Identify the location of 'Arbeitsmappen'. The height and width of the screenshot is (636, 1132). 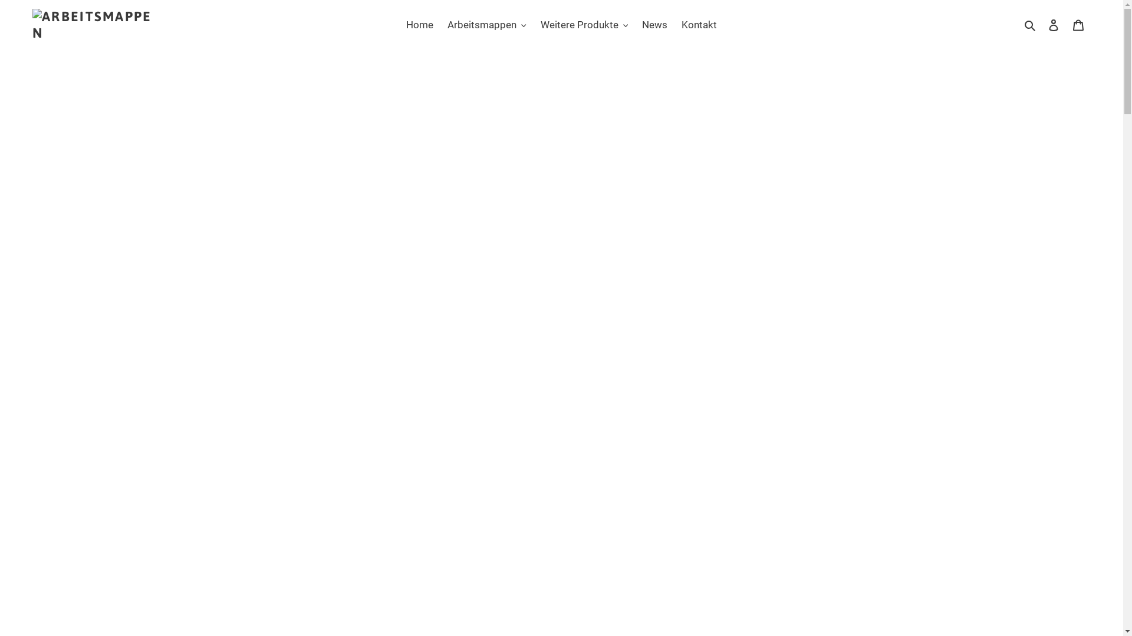
(486, 25).